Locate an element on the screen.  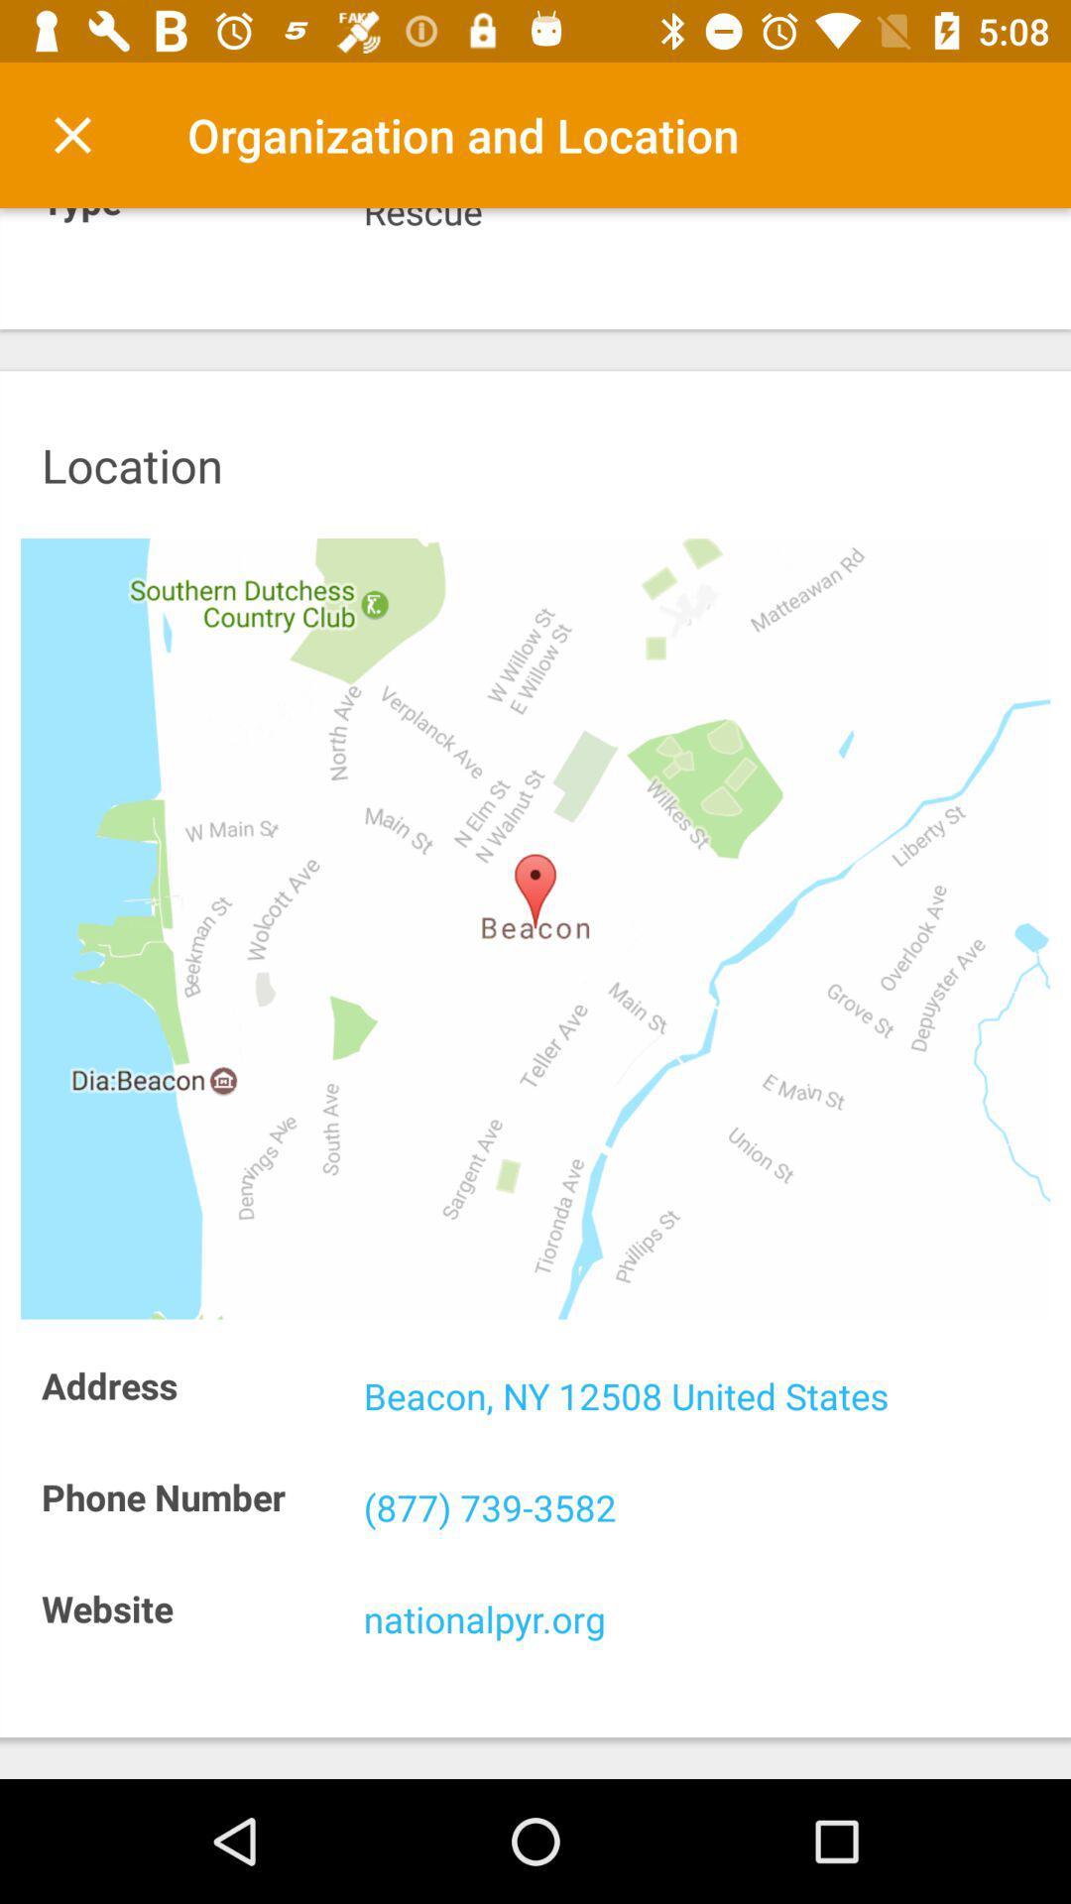
the icon to the left of the organization and location item is located at coordinates (71, 134).